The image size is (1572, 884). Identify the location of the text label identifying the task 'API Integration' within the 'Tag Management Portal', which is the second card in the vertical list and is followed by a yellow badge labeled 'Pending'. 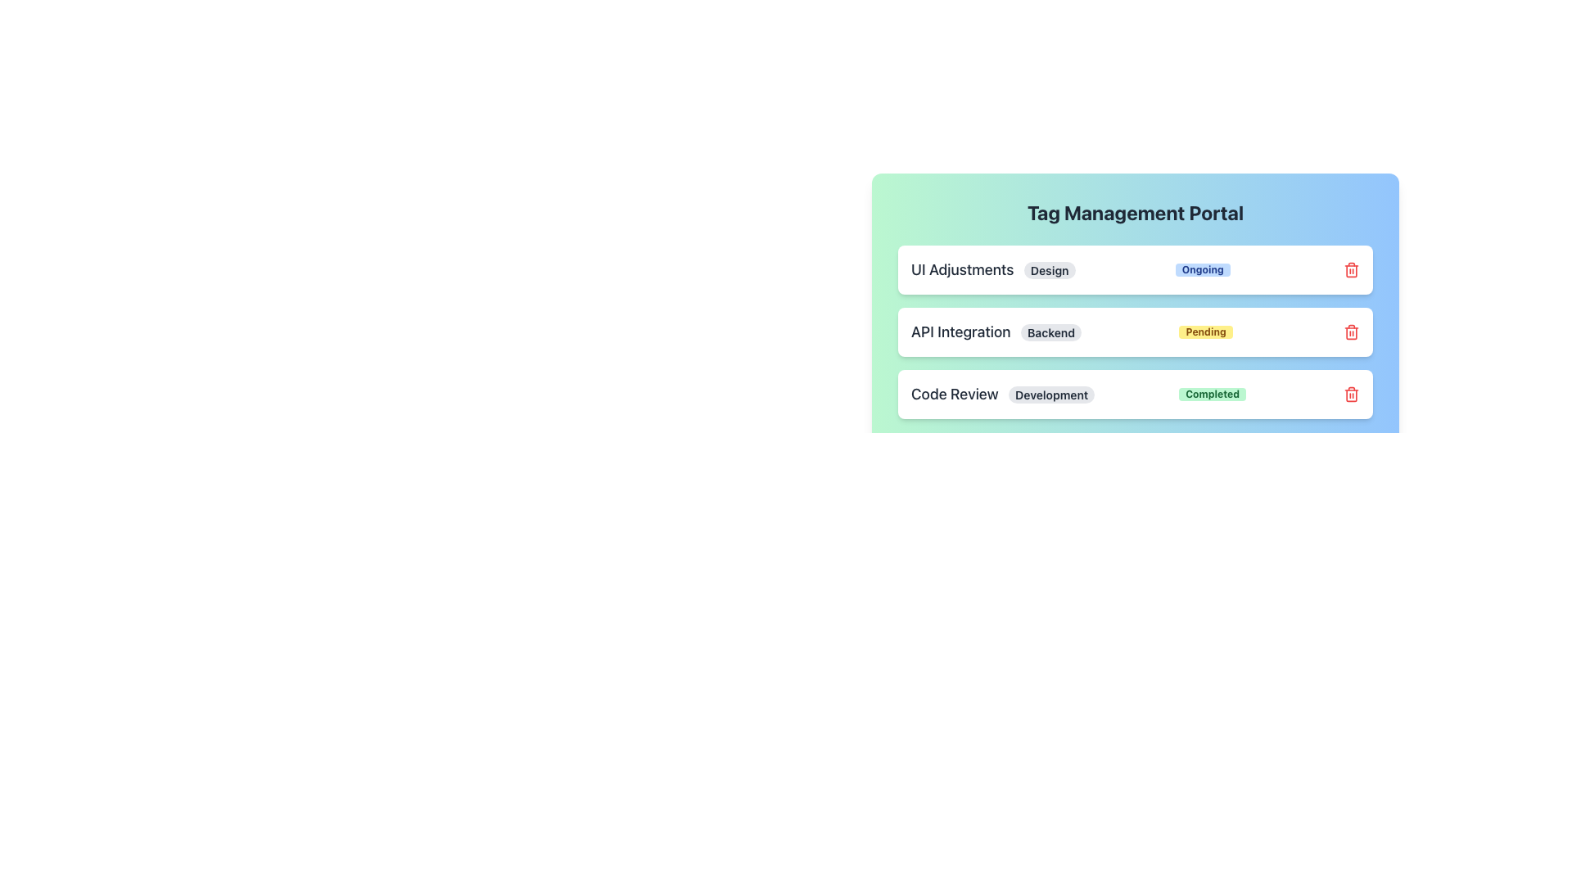
(996, 331).